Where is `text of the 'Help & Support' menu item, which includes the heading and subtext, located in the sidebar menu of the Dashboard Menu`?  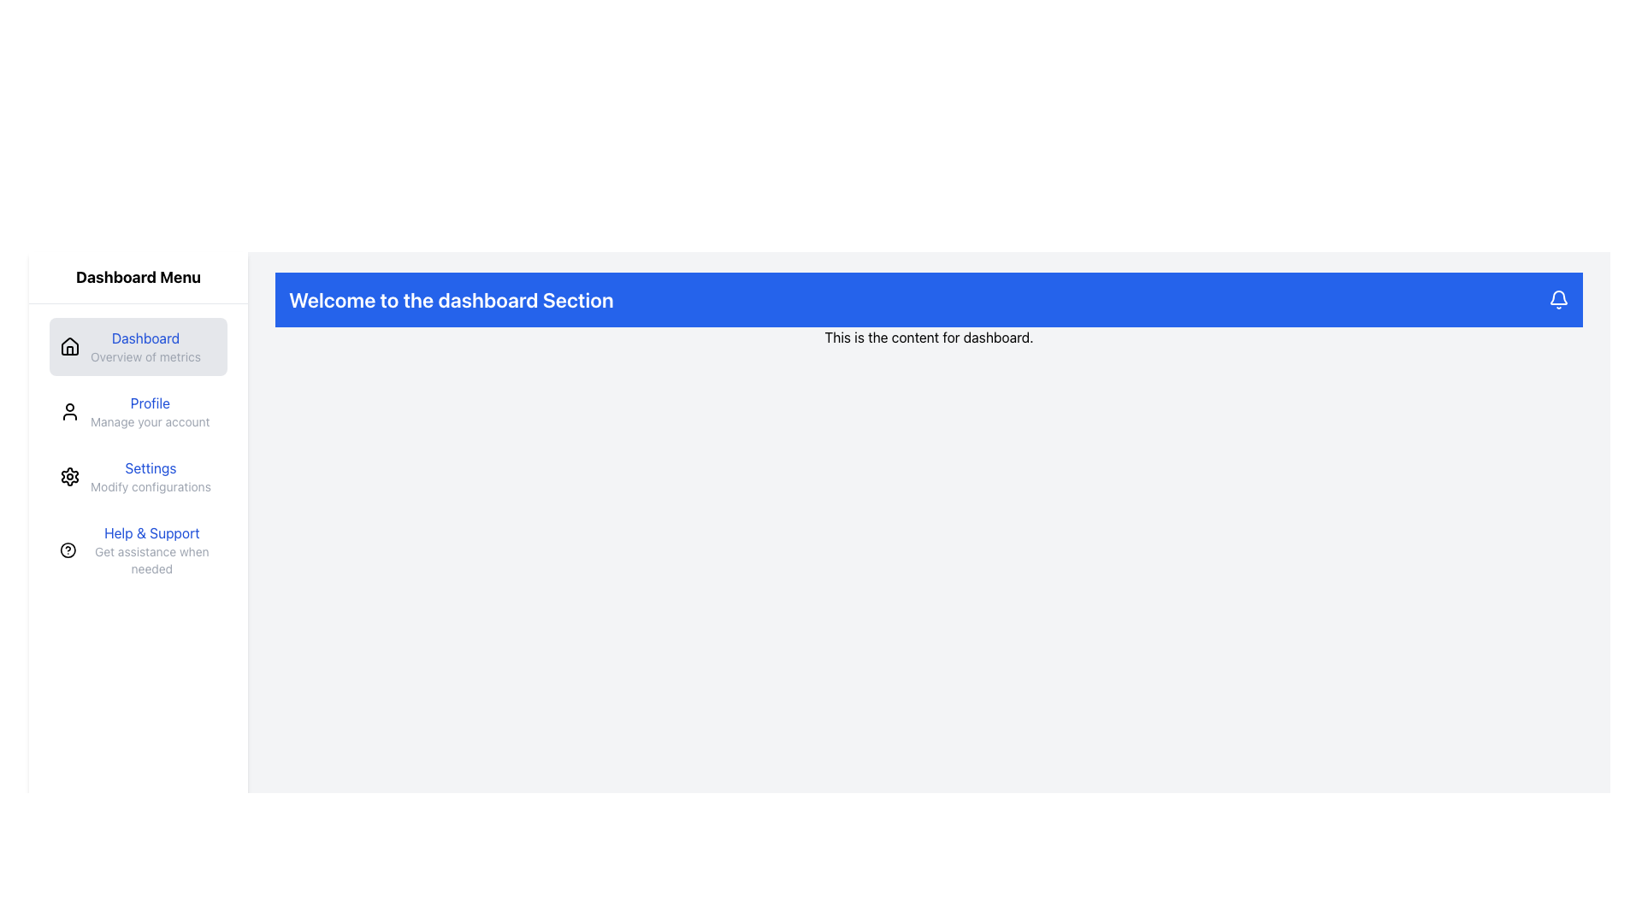
text of the 'Help & Support' menu item, which includes the heading and subtext, located in the sidebar menu of the Dashboard Menu is located at coordinates (139, 550).